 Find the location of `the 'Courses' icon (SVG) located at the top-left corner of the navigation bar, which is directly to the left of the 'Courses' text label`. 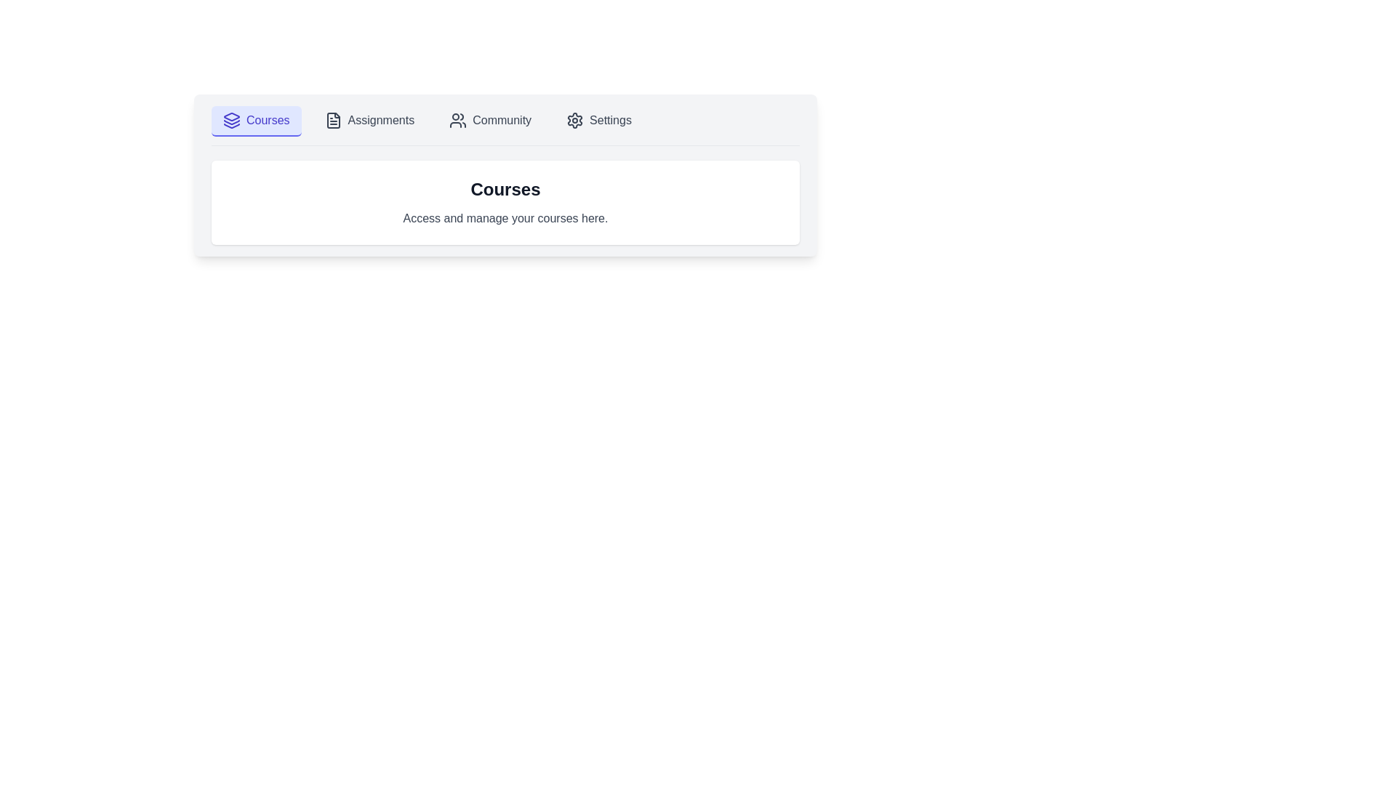

the 'Courses' icon (SVG) located at the top-left corner of the navigation bar, which is directly to the left of the 'Courses' text label is located at coordinates (230, 119).